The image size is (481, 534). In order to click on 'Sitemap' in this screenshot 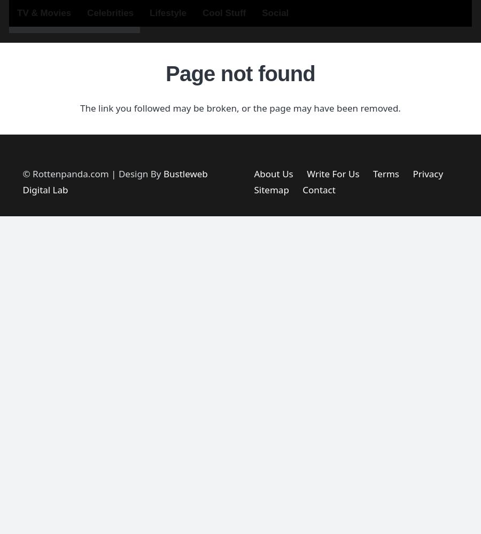, I will do `click(270, 189)`.